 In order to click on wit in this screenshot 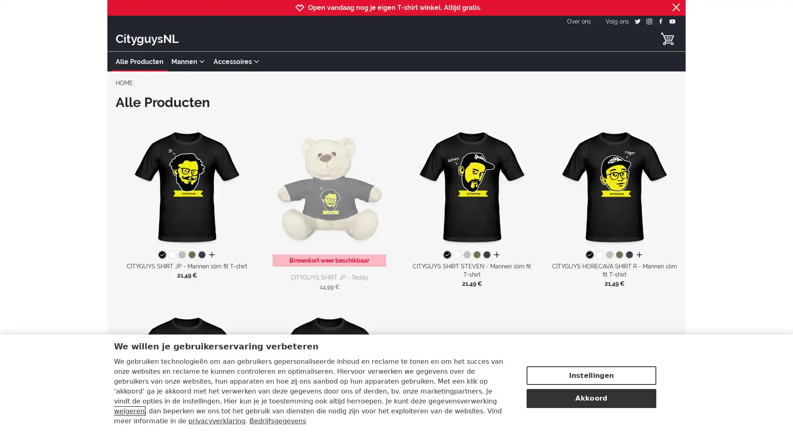, I will do `click(171, 255)`.